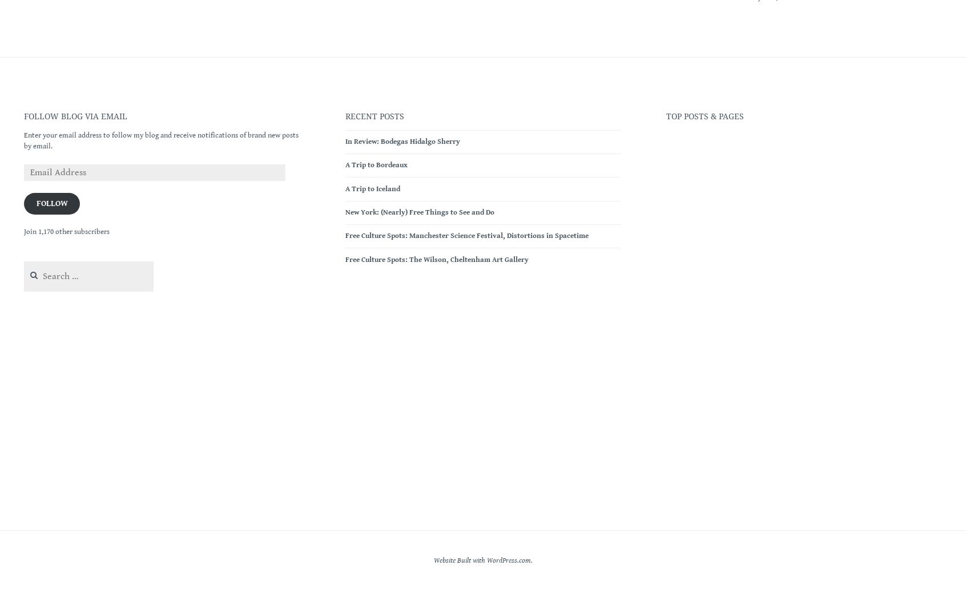 The image size is (966, 589). I want to click on 'Free Culture Spots: Manchester Science Festival, Distortions in Spacetime', so click(344, 235).